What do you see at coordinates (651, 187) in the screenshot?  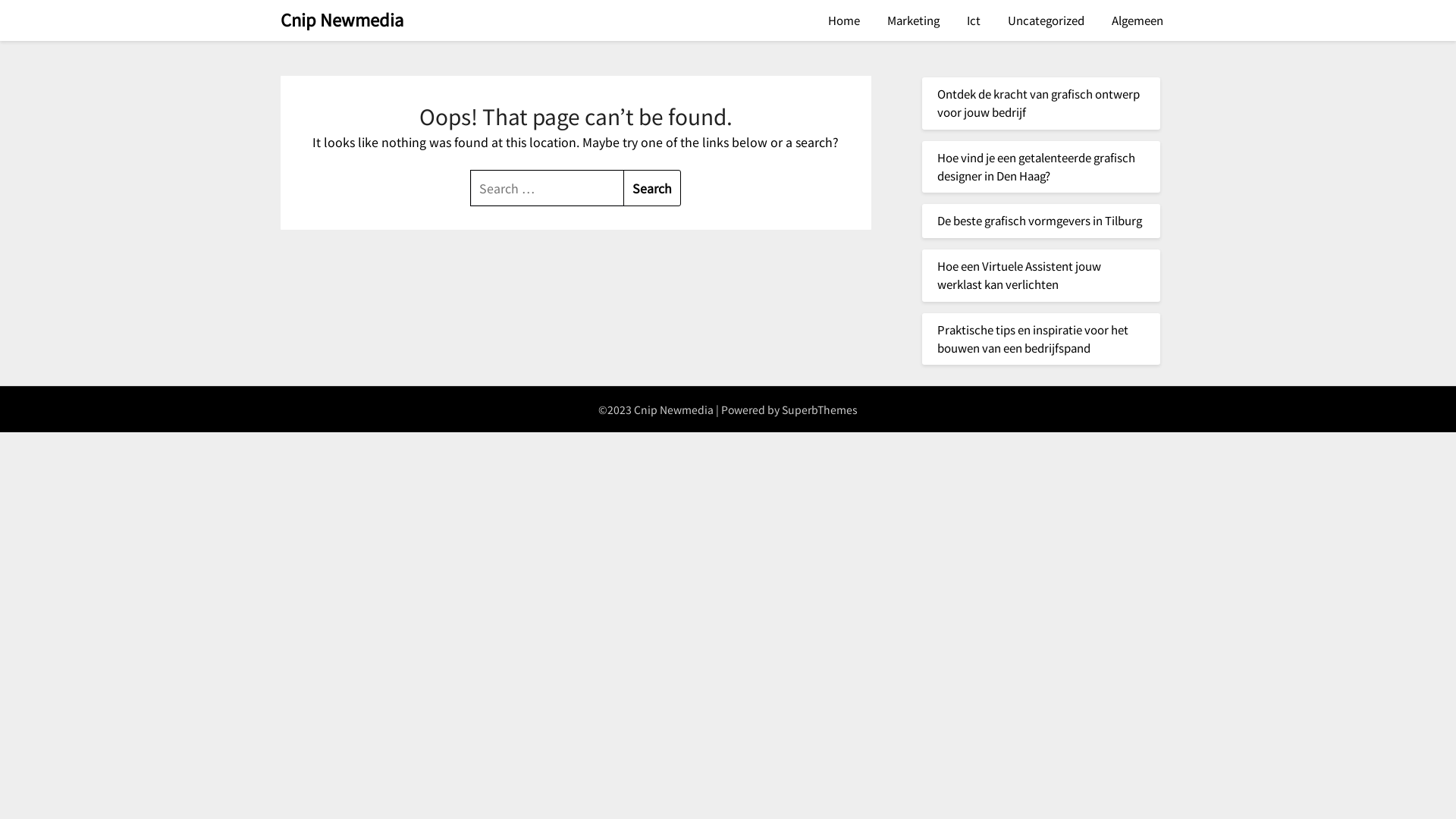 I see `'Search'` at bounding box center [651, 187].